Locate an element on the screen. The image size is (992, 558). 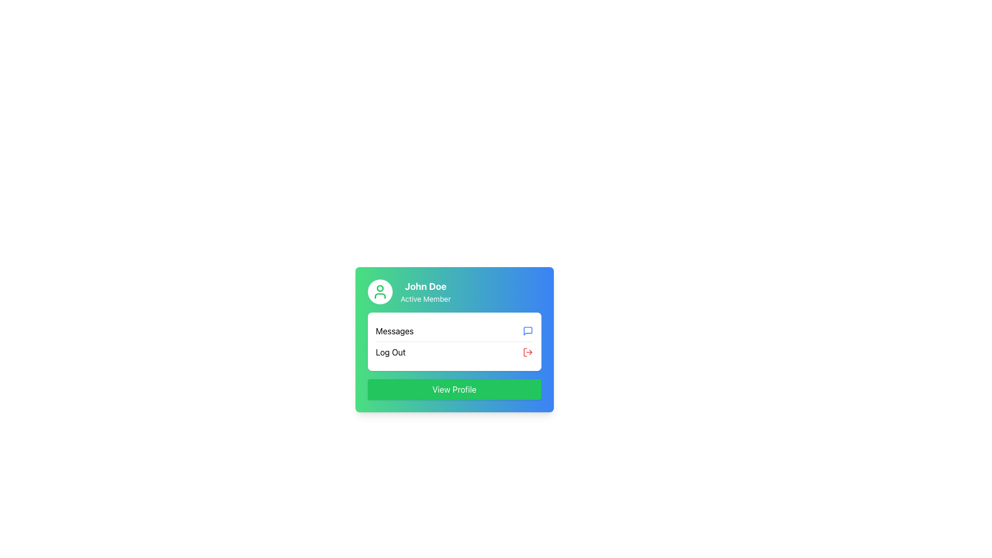
the red log-out icon located to the far right of the 'Log Out' text to initiate the log-out process is located at coordinates (528, 352).